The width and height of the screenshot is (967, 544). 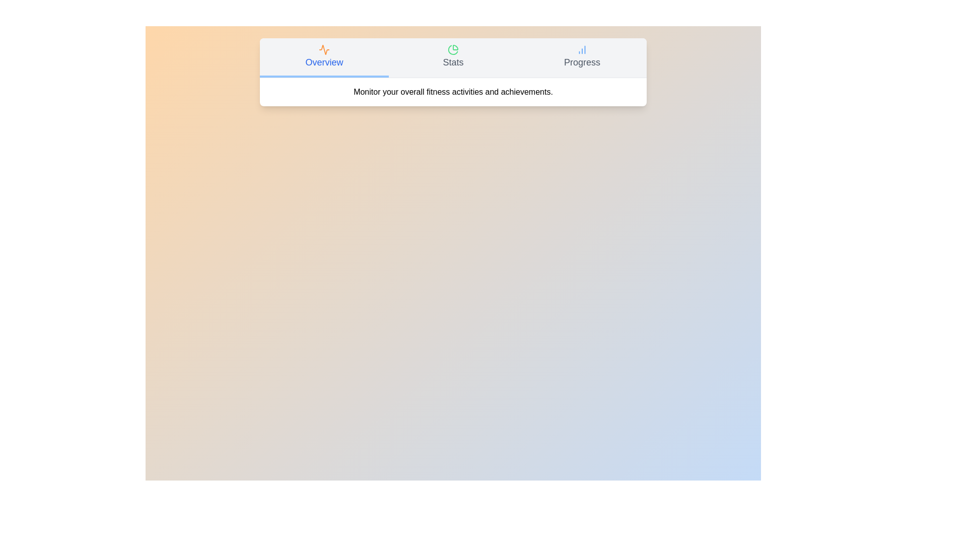 What do you see at coordinates (324, 58) in the screenshot?
I see `the tab labeled Overview to preview its hover style` at bounding box center [324, 58].